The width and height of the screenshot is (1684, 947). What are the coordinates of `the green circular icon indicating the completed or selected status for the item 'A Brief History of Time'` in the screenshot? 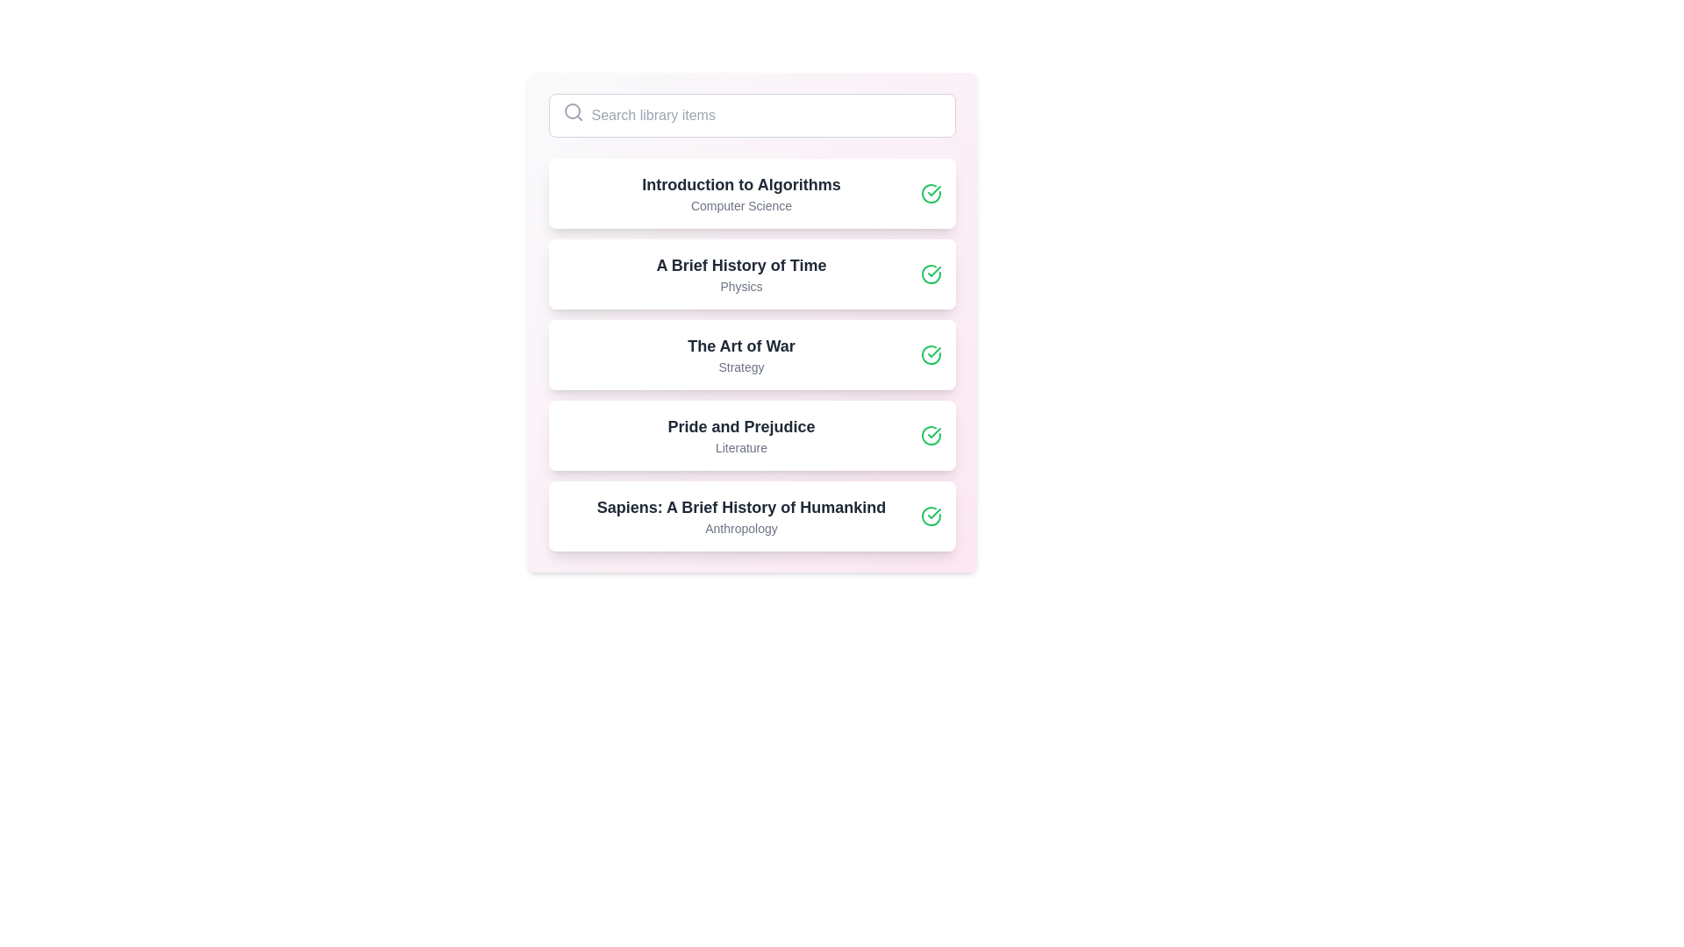 It's located at (930, 274).